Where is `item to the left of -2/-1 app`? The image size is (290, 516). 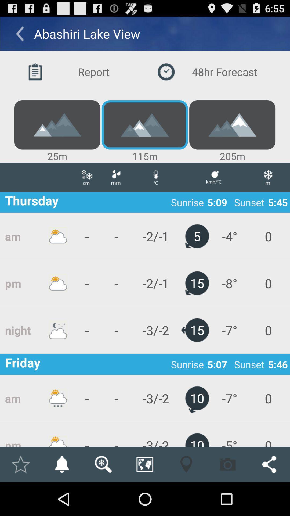 item to the left of -2/-1 app is located at coordinates (116, 330).